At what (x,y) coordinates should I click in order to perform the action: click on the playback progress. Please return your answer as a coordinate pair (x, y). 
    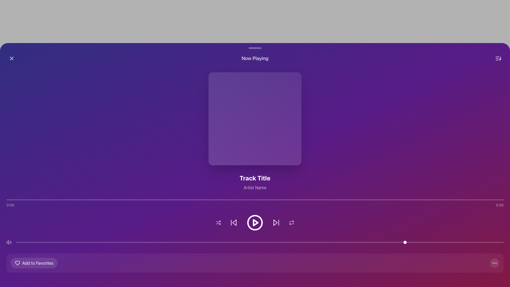
    Looking at the image, I should click on (96, 200).